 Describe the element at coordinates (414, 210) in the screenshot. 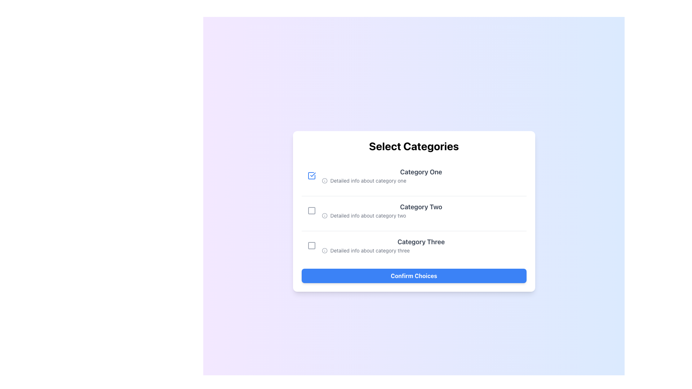

I see `description of the List item titled 'Category Two', which includes a checkbox and detailed info about category two` at that location.